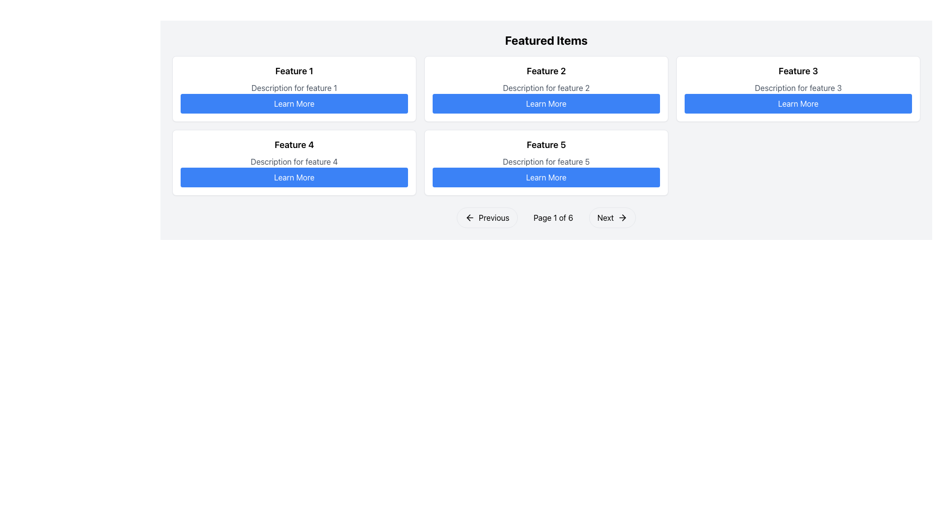  Describe the element at coordinates (545, 177) in the screenshot. I see `the 'Learn More' button located at the bottom of the 'Feature 5' card to load more details` at that location.